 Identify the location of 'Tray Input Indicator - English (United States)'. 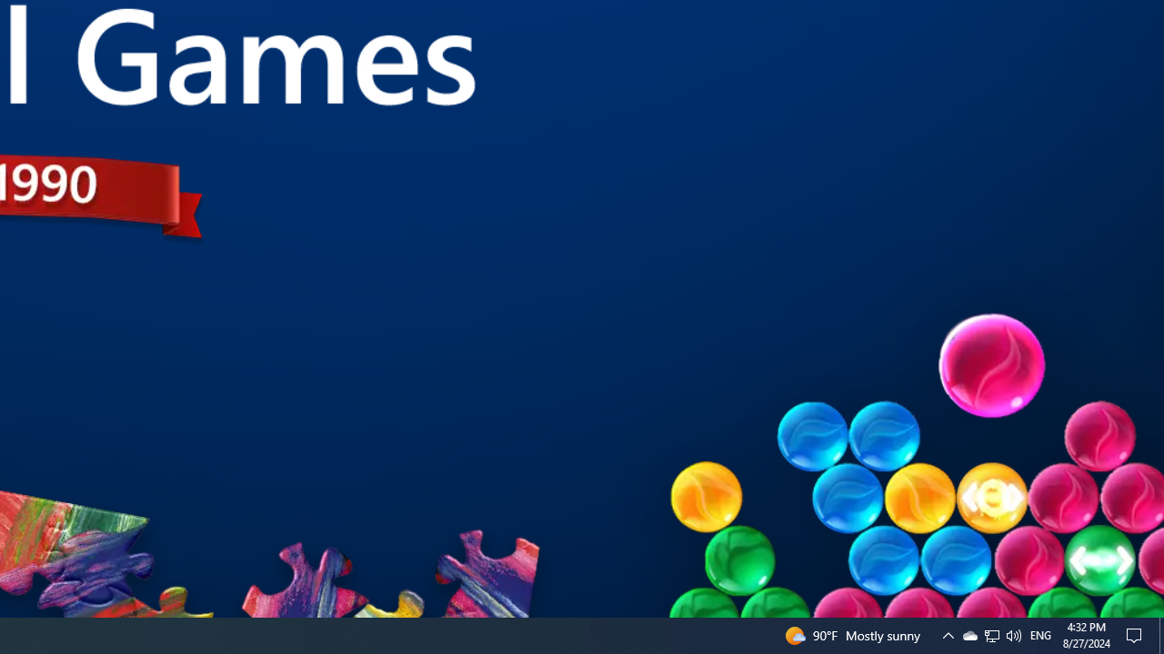
(991, 634).